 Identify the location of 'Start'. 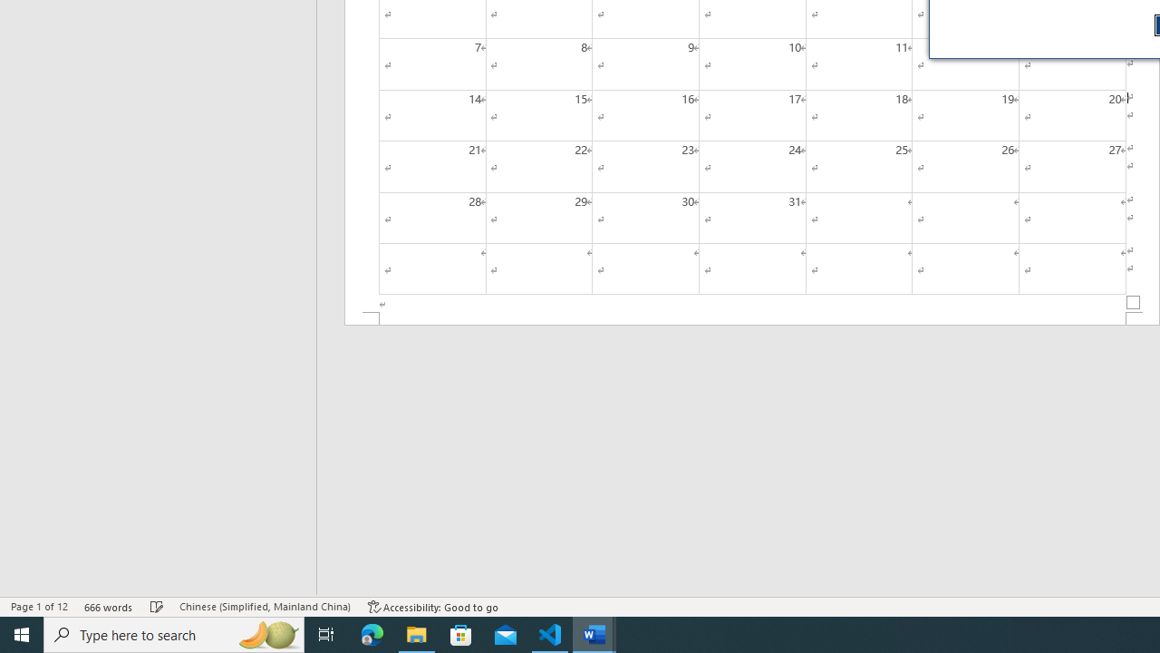
(22, 633).